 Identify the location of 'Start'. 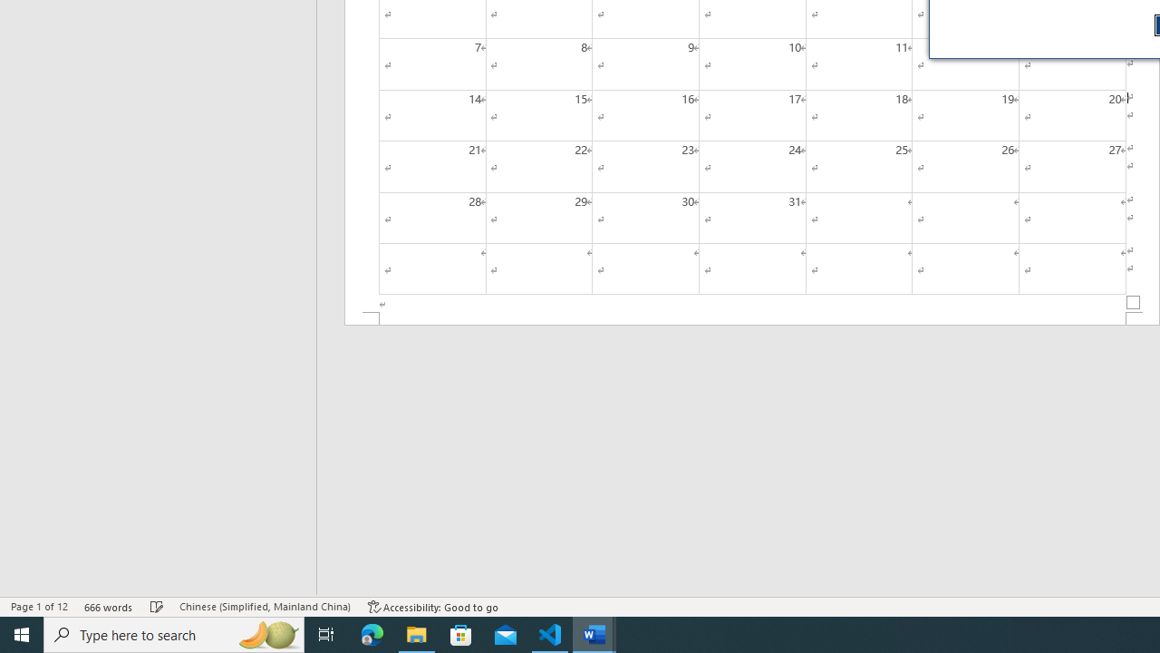
(22, 633).